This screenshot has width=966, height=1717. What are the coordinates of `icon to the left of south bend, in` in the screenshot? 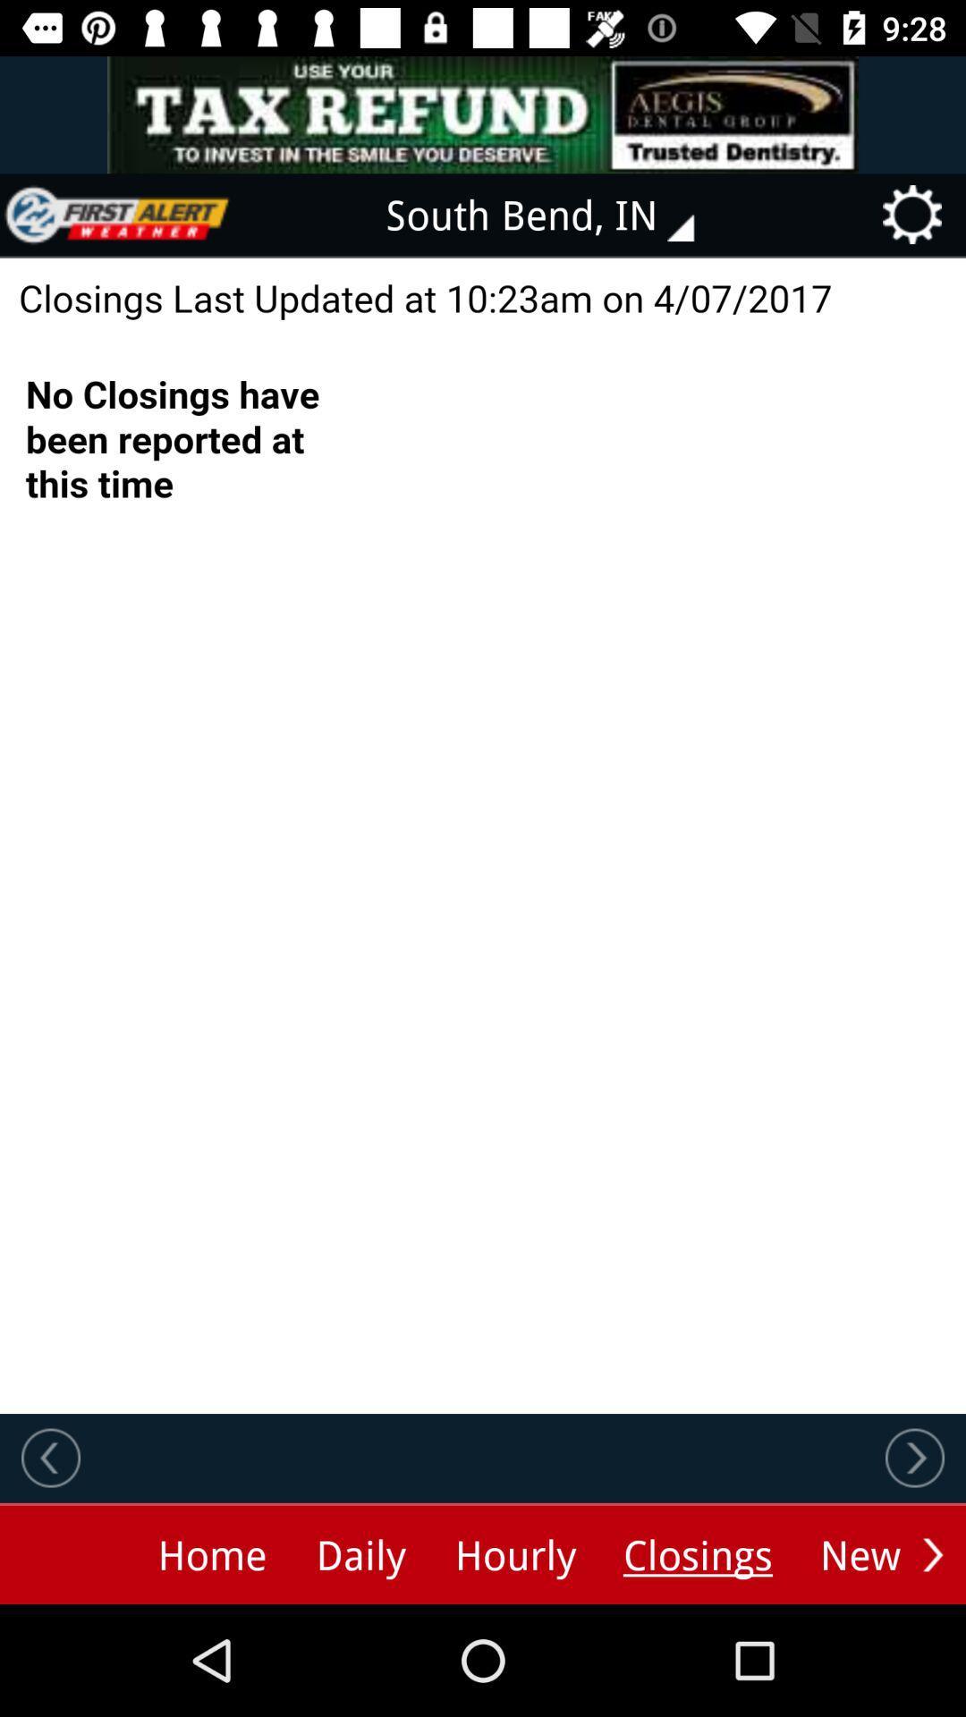 It's located at (117, 215).